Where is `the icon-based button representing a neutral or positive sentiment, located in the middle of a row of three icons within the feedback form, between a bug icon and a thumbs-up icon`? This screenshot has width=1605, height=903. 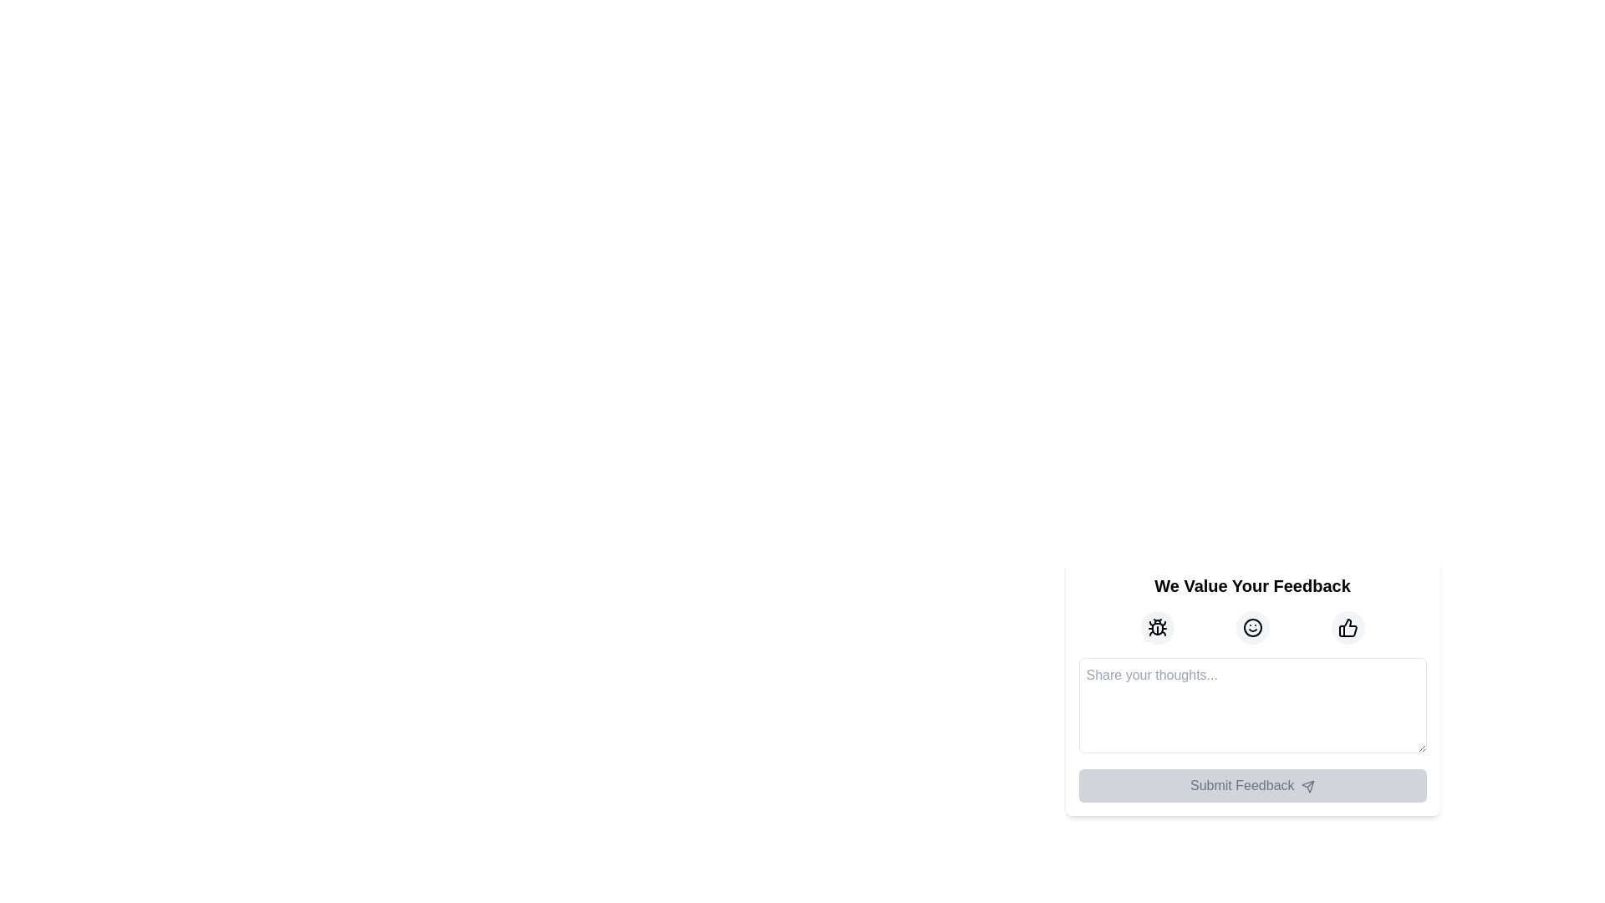 the icon-based button representing a neutral or positive sentiment, located in the middle of a row of three icons within the feedback form, between a bug icon and a thumbs-up icon is located at coordinates (1252, 628).